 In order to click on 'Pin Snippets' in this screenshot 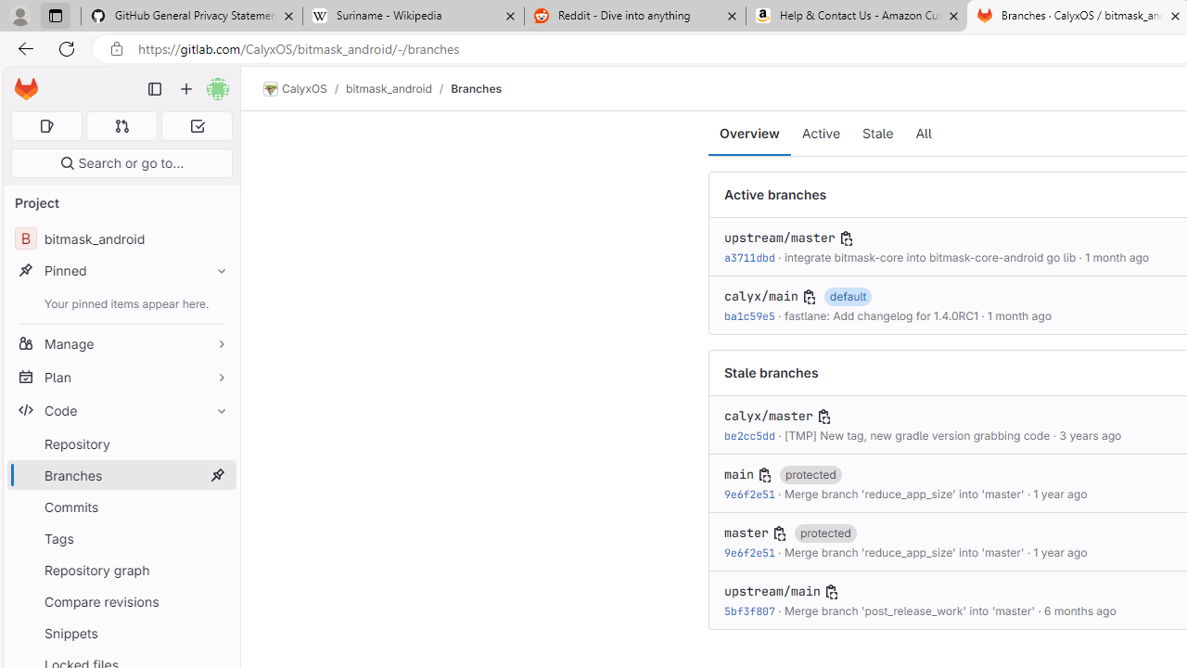, I will do `click(217, 632)`.